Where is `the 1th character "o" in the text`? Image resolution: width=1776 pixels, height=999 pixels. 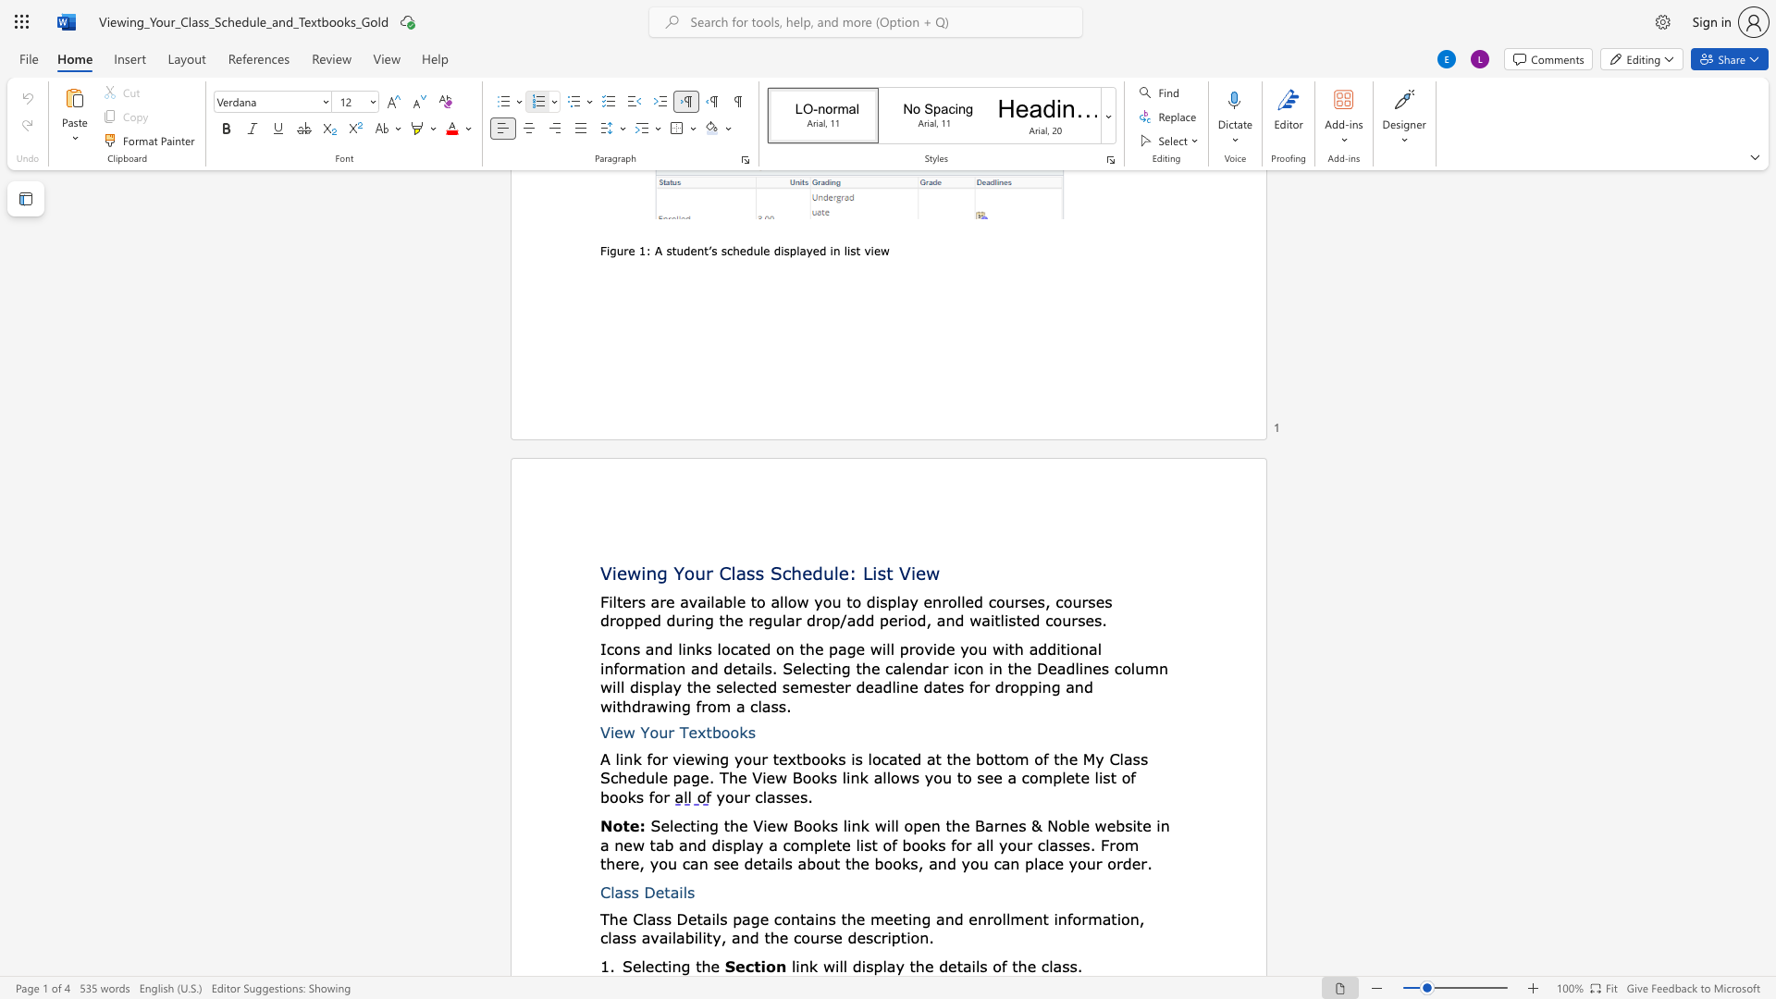
the 1th character "o" in the text is located at coordinates (618, 648).